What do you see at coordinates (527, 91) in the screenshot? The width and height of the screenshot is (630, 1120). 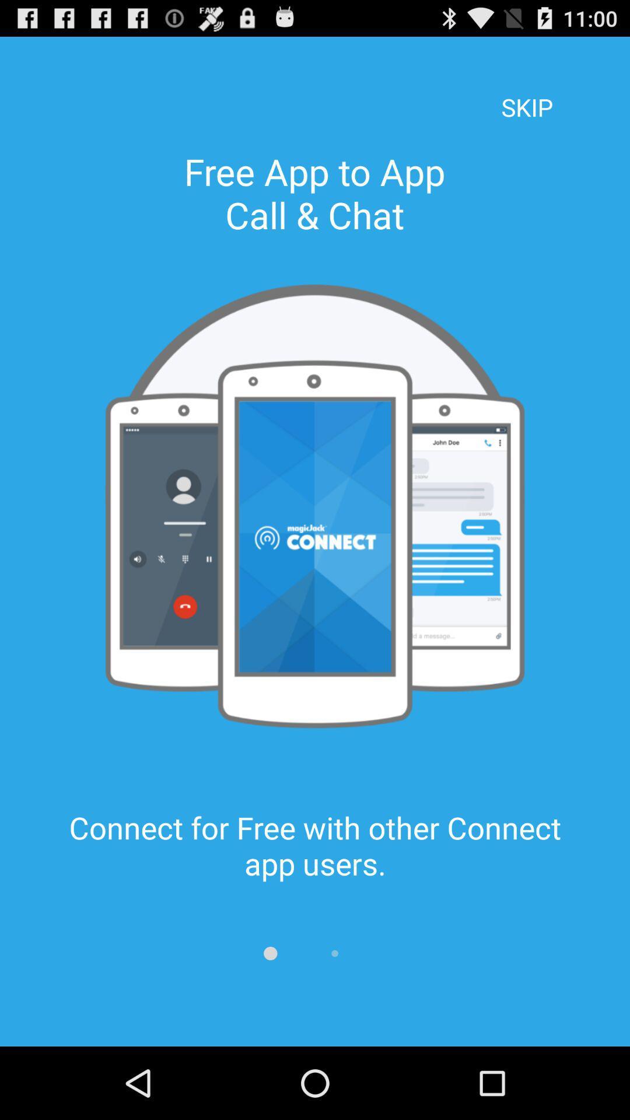 I see `item to the right of free app to icon` at bounding box center [527, 91].